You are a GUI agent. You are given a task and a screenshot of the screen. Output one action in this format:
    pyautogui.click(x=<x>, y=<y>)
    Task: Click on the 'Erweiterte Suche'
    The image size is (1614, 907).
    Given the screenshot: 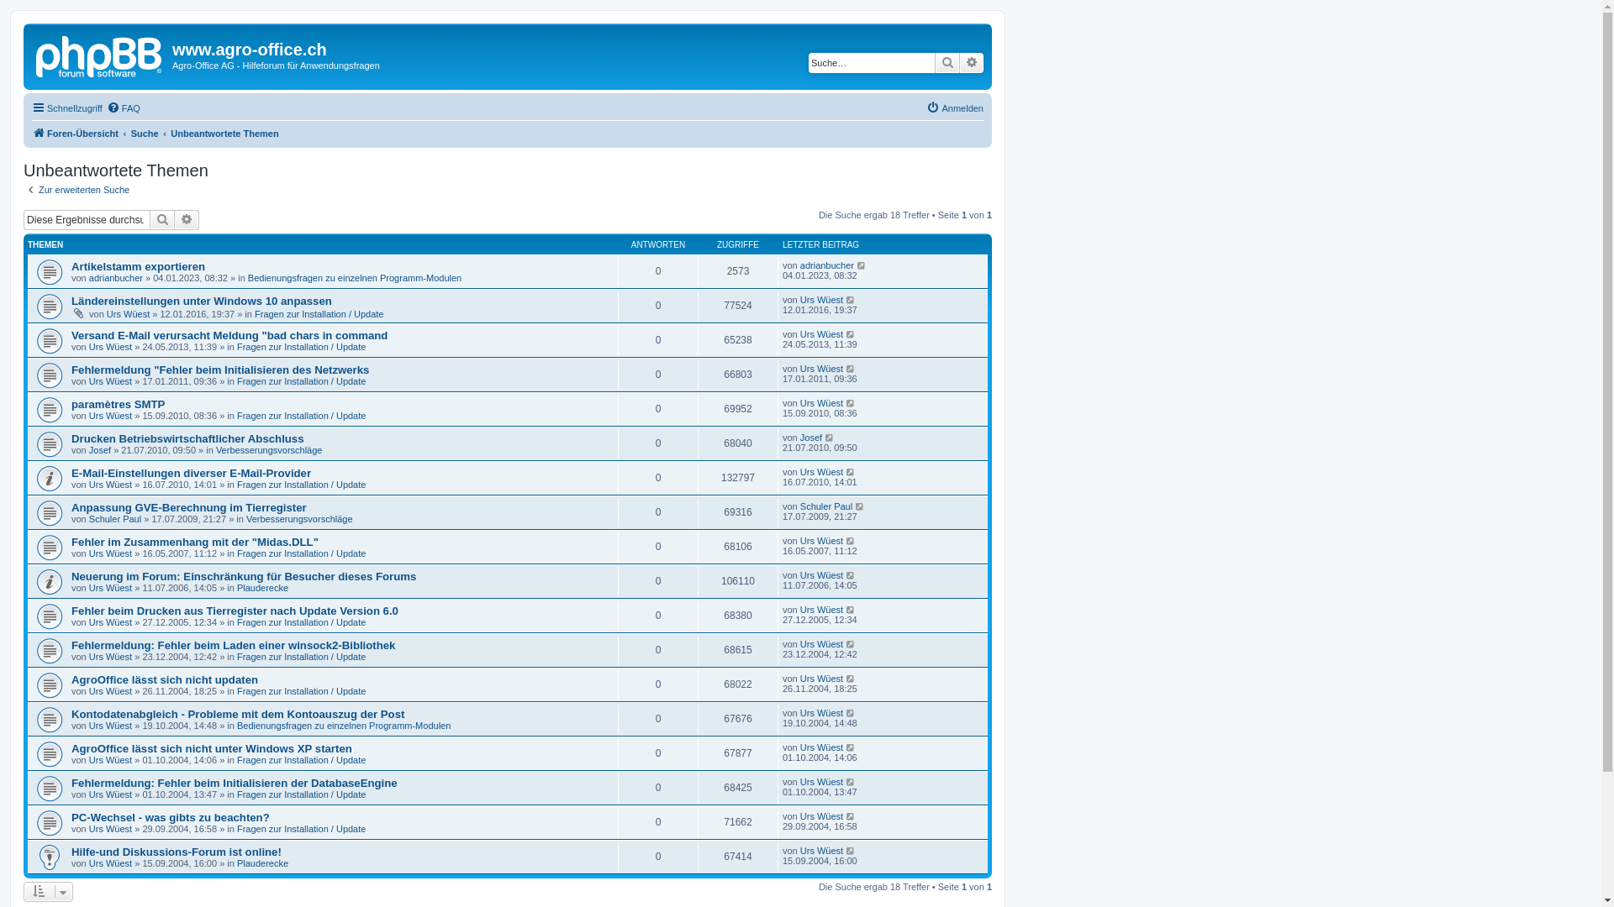 What is the action you would take?
    pyautogui.click(x=187, y=219)
    